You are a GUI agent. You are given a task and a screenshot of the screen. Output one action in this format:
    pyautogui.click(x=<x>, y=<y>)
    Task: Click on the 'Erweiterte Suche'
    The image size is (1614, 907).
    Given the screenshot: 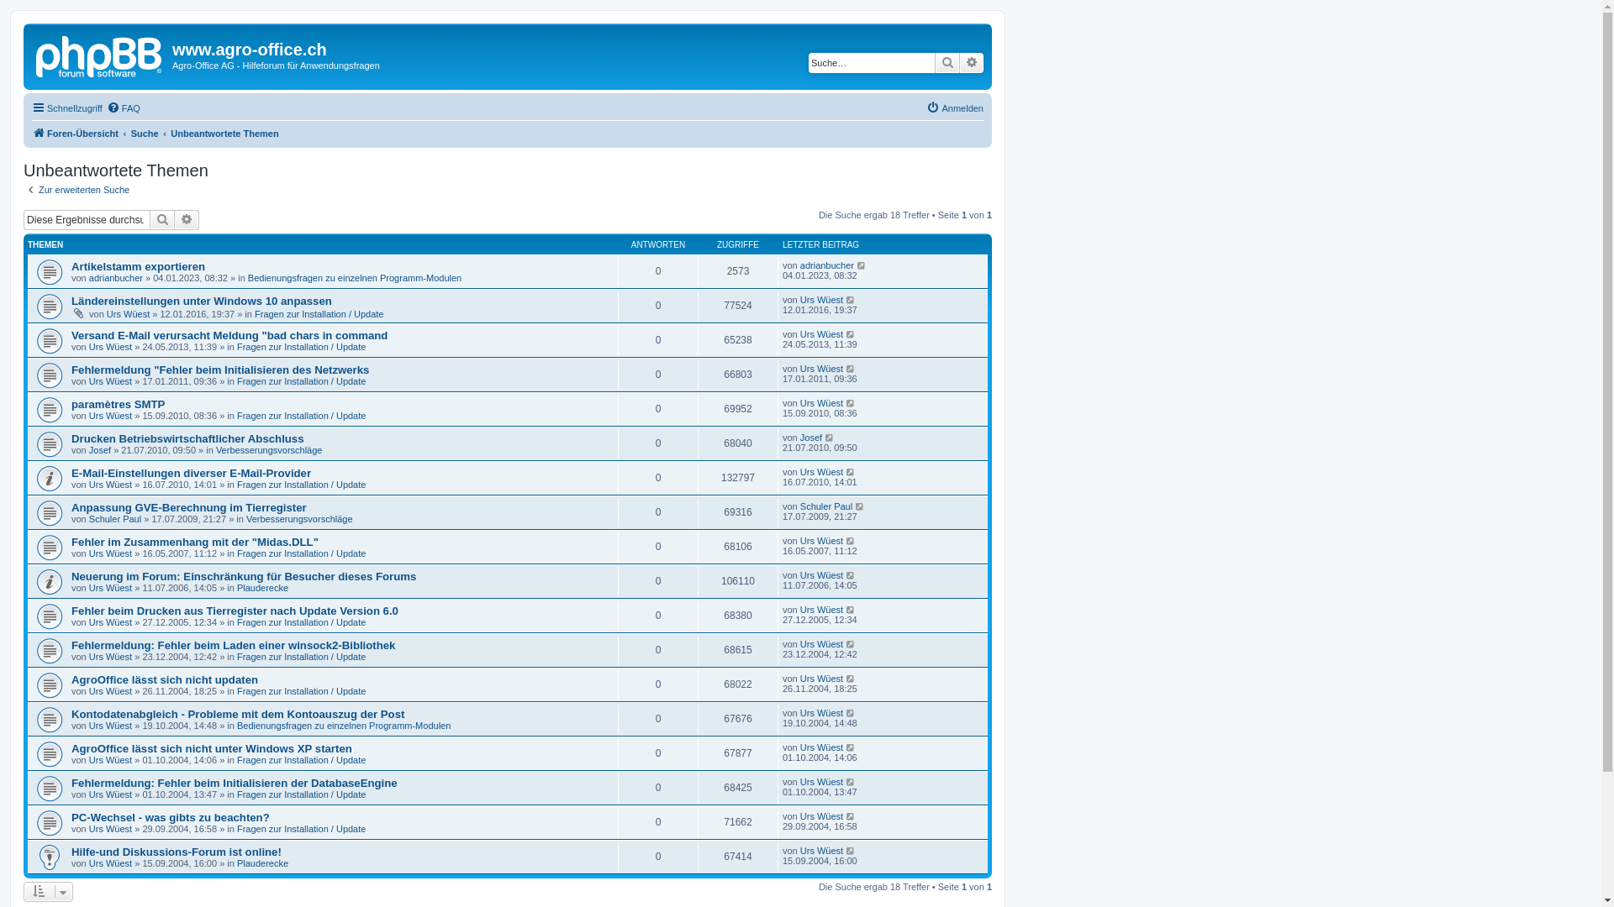 What is the action you would take?
    pyautogui.click(x=187, y=219)
    